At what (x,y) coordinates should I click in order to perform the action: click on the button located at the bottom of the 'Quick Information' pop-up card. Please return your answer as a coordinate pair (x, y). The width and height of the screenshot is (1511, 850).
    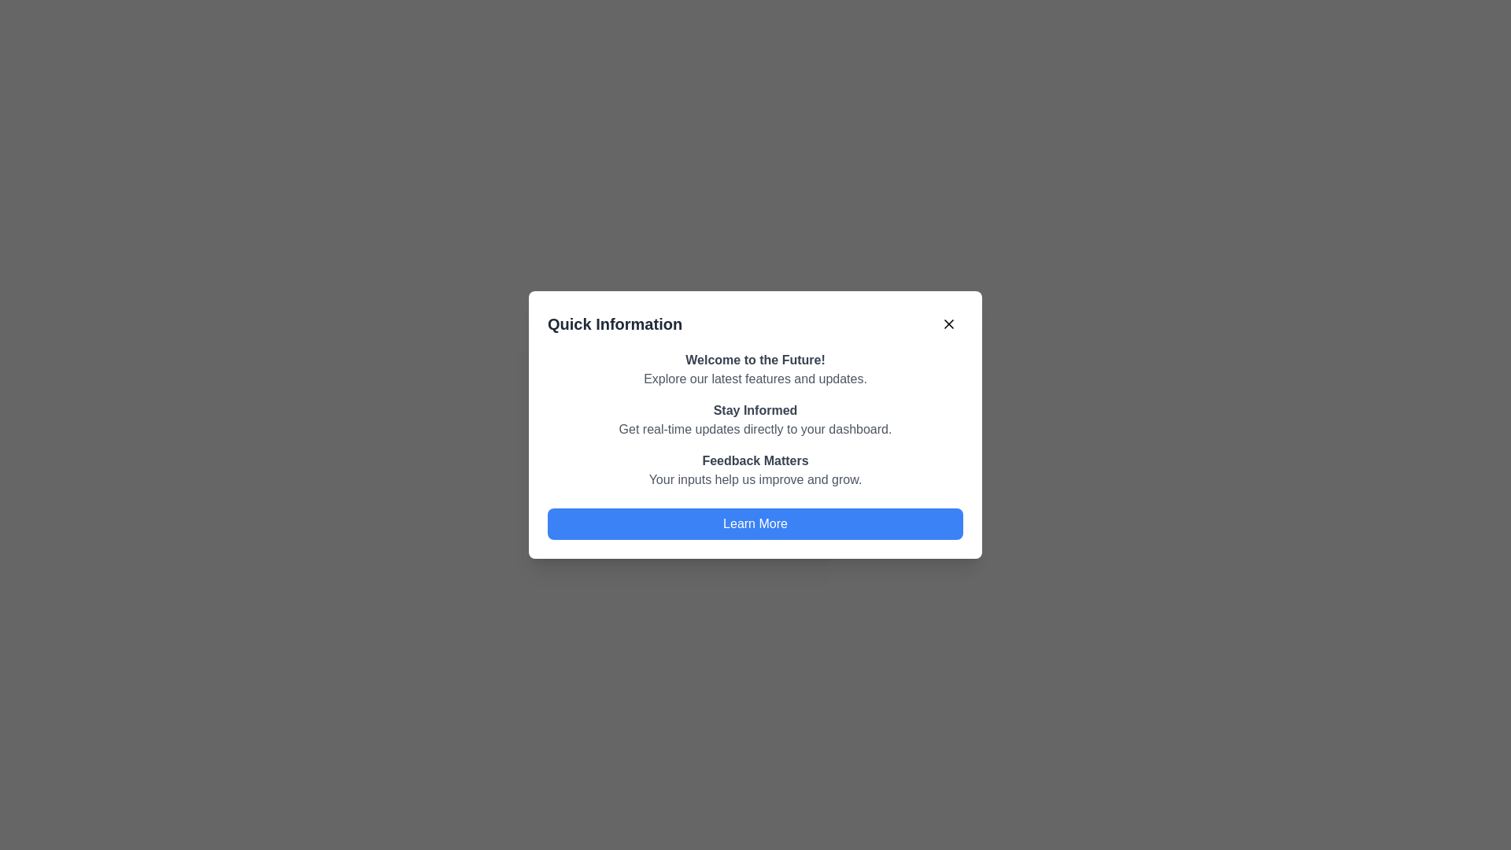
    Looking at the image, I should click on (755, 524).